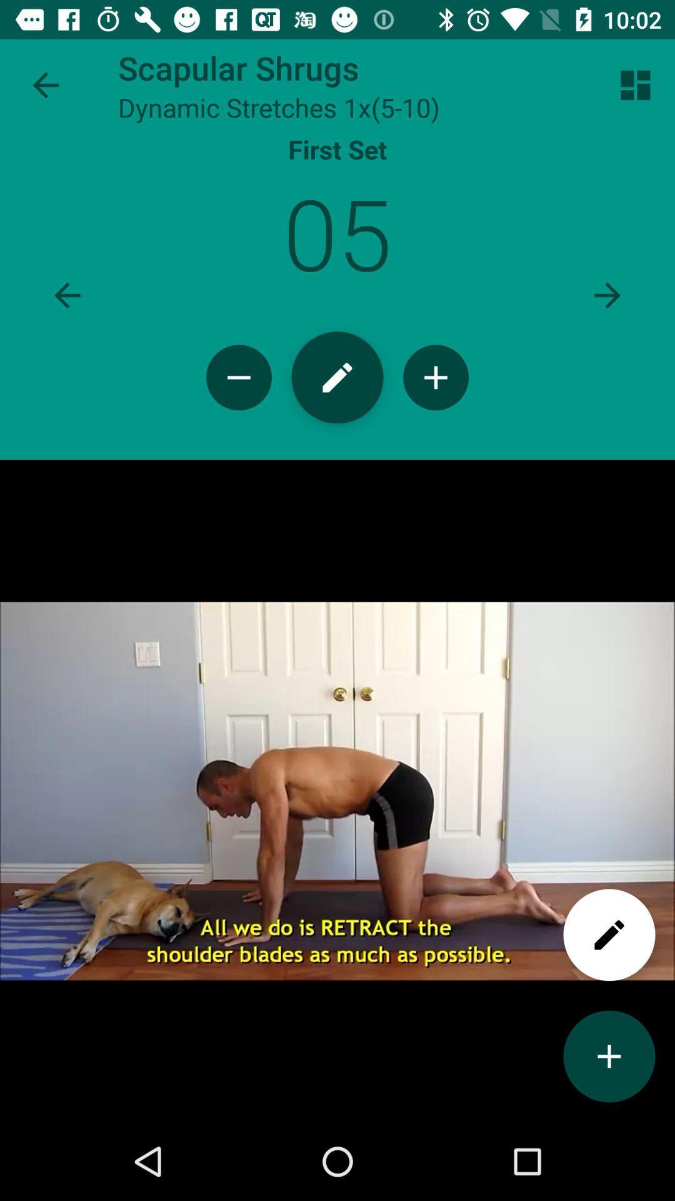 The width and height of the screenshot is (675, 1201). What do you see at coordinates (609, 1000) in the screenshot?
I see `the edit icon` at bounding box center [609, 1000].